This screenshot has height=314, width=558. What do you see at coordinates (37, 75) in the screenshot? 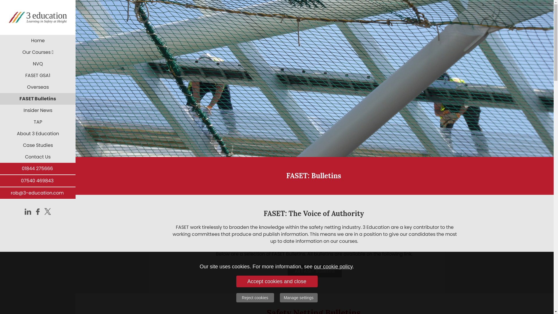
I see `'FASET GSA1'` at bounding box center [37, 75].